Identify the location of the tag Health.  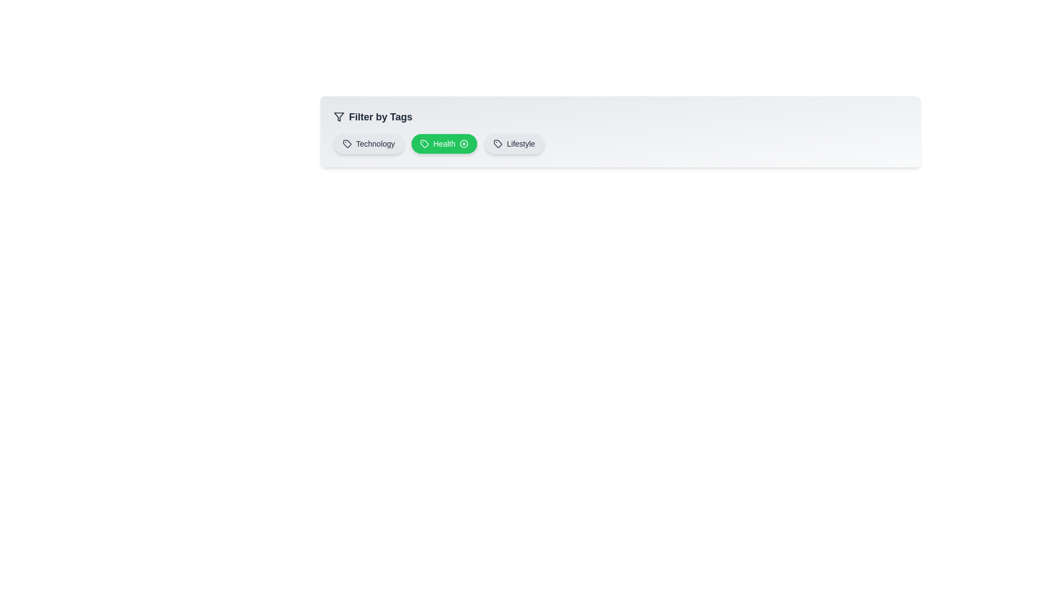
(444, 143).